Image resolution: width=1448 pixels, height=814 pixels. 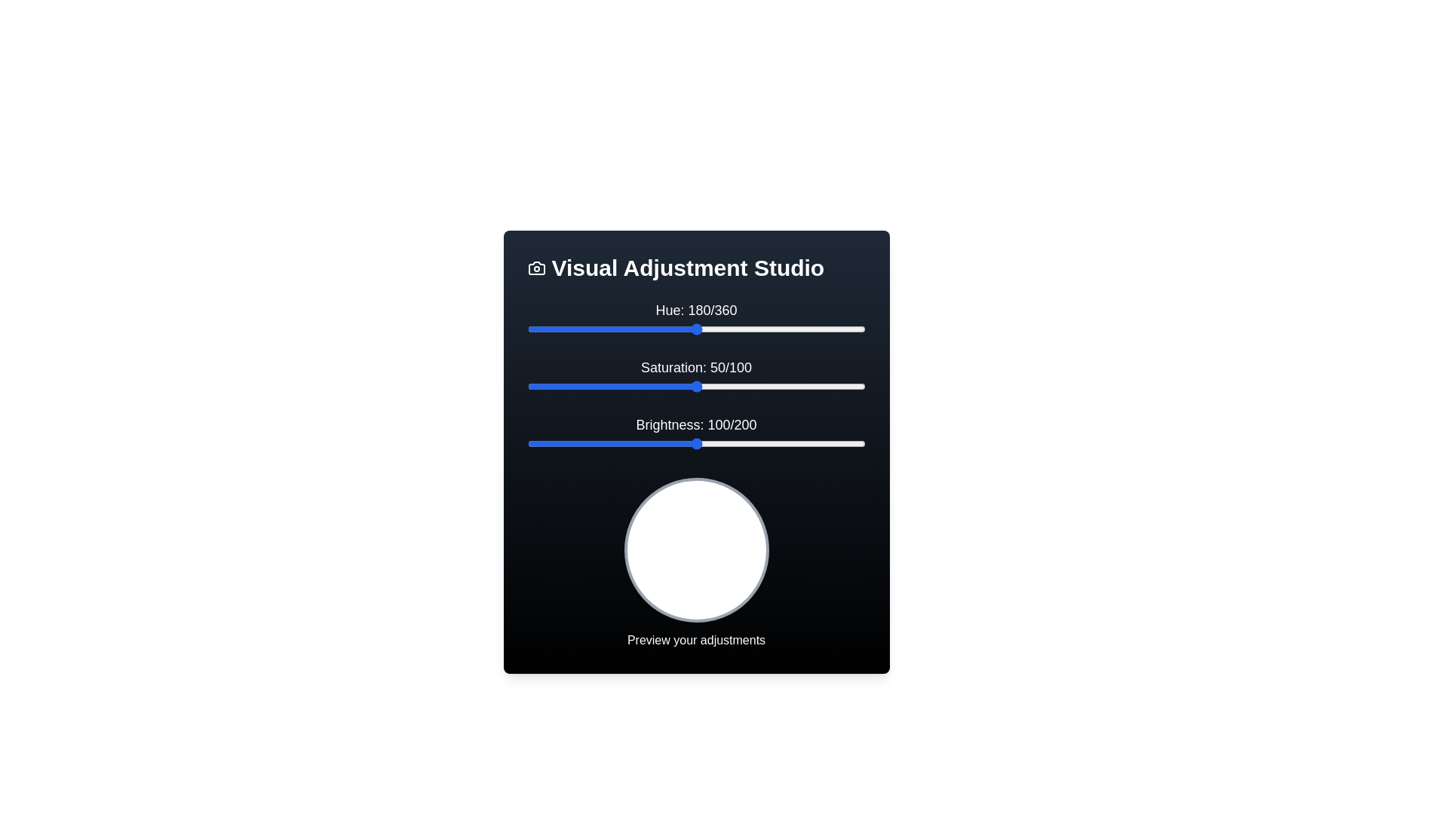 What do you see at coordinates (730, 386) in the screenshot?
I see `the 'Saturation' slider to 60 within its range` at bounding box center [730, 386].